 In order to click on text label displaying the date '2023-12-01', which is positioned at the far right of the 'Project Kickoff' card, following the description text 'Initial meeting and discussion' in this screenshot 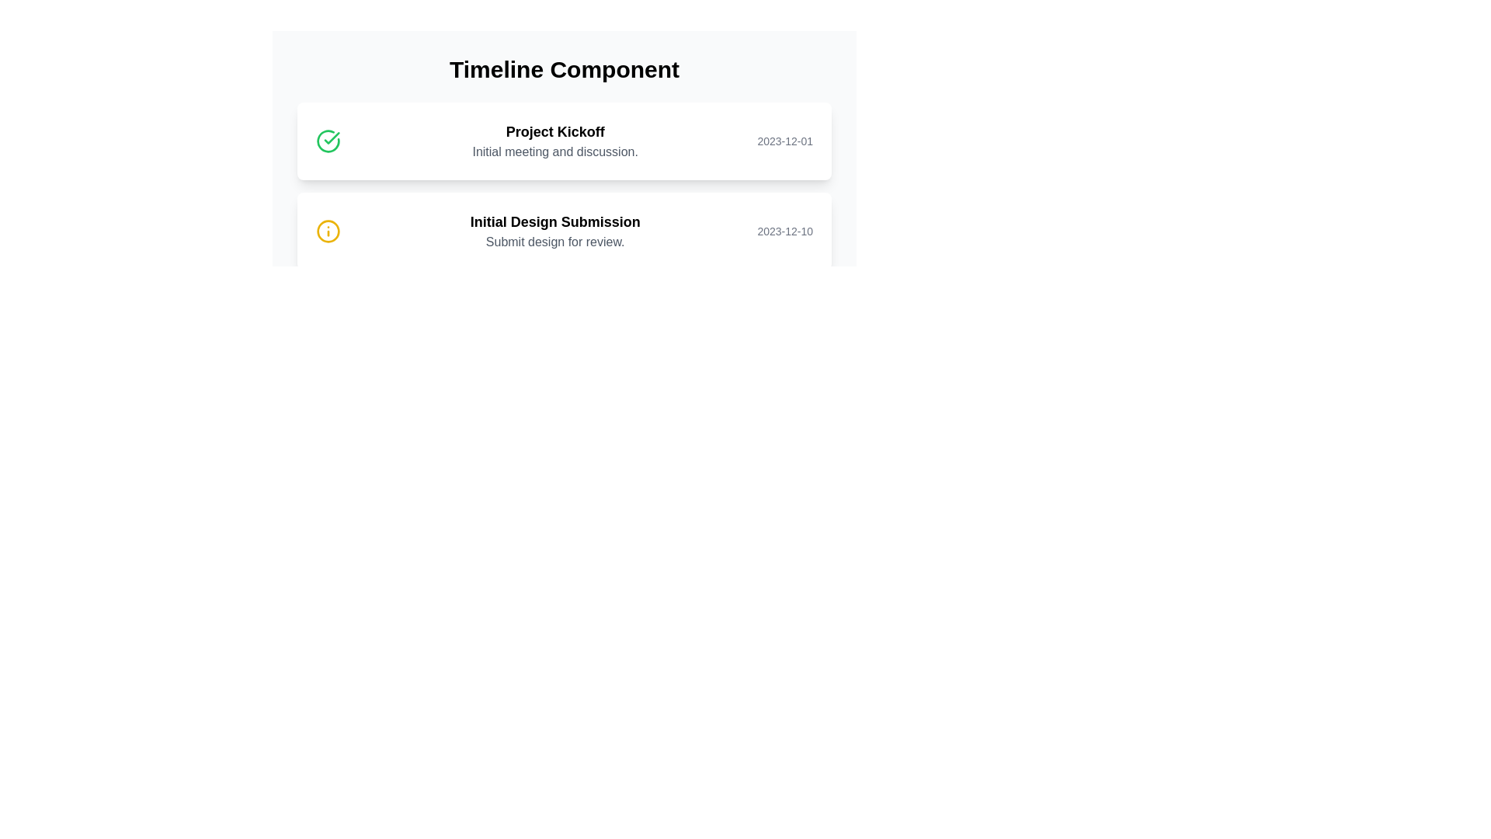, I will do `click(785, 141)`.